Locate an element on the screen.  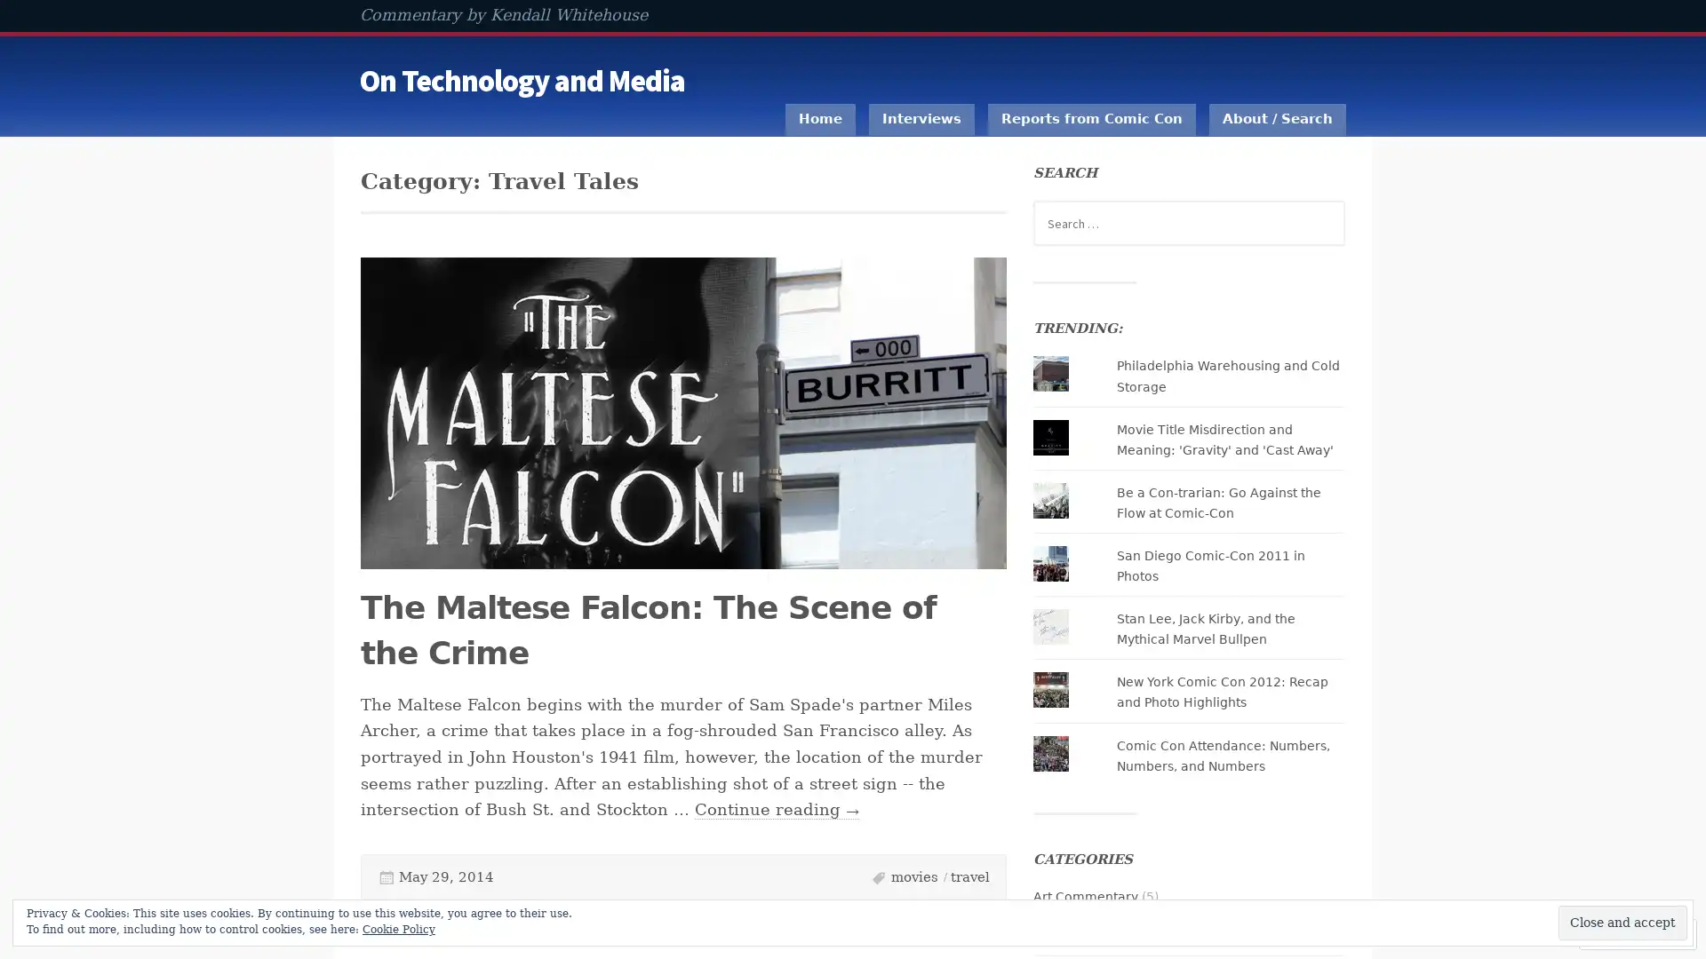
Close and accept is located at coordinates (1622, 922).